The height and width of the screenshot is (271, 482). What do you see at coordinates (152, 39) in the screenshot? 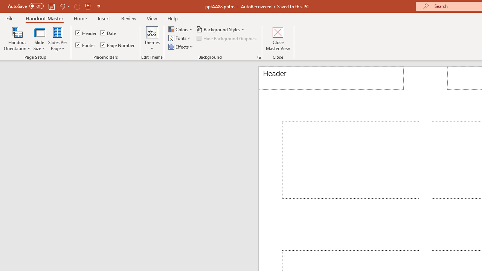
I see `'Themes'` at bounding box center [152, 39].